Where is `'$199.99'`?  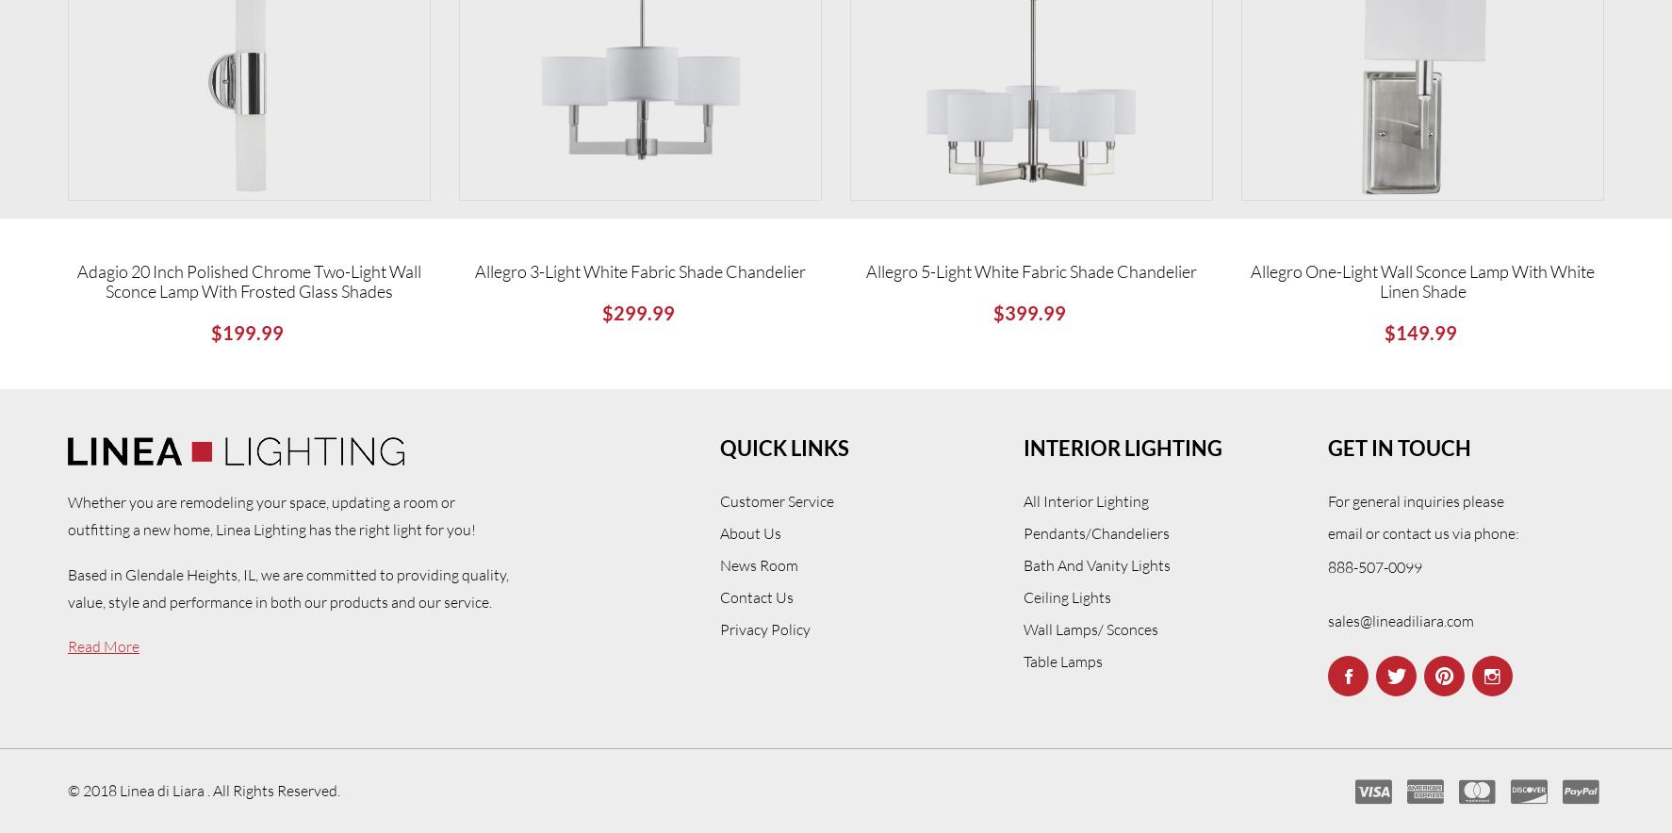 '$199.99' is located at coordinates (208, 331).